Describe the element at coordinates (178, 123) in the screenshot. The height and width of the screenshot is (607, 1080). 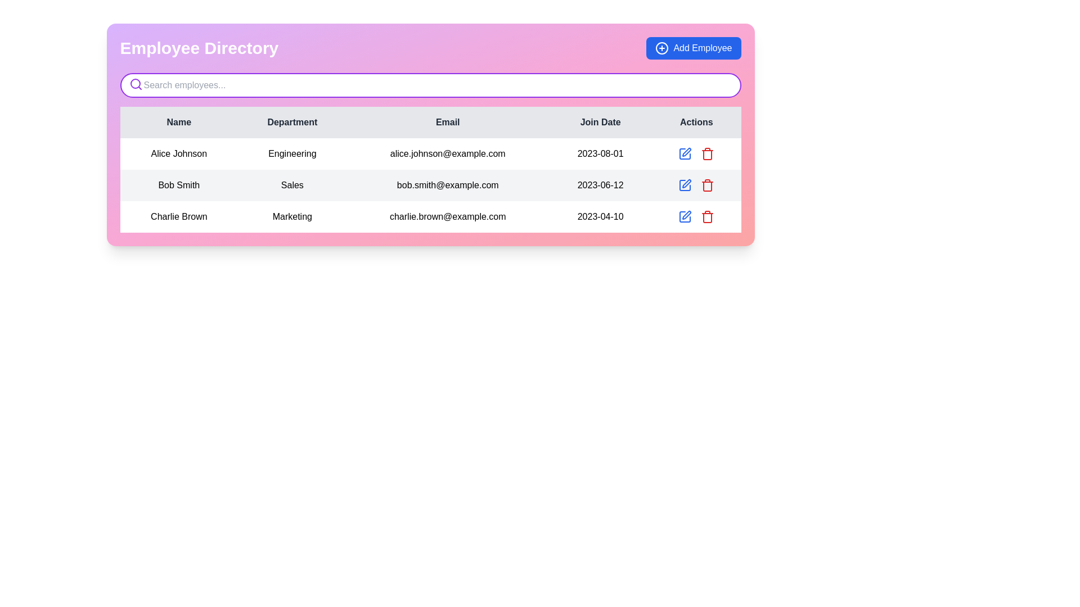
I see `the table column under the 'Name' header, which is a bold text label positioned at the top-left corner of the table` at that location.